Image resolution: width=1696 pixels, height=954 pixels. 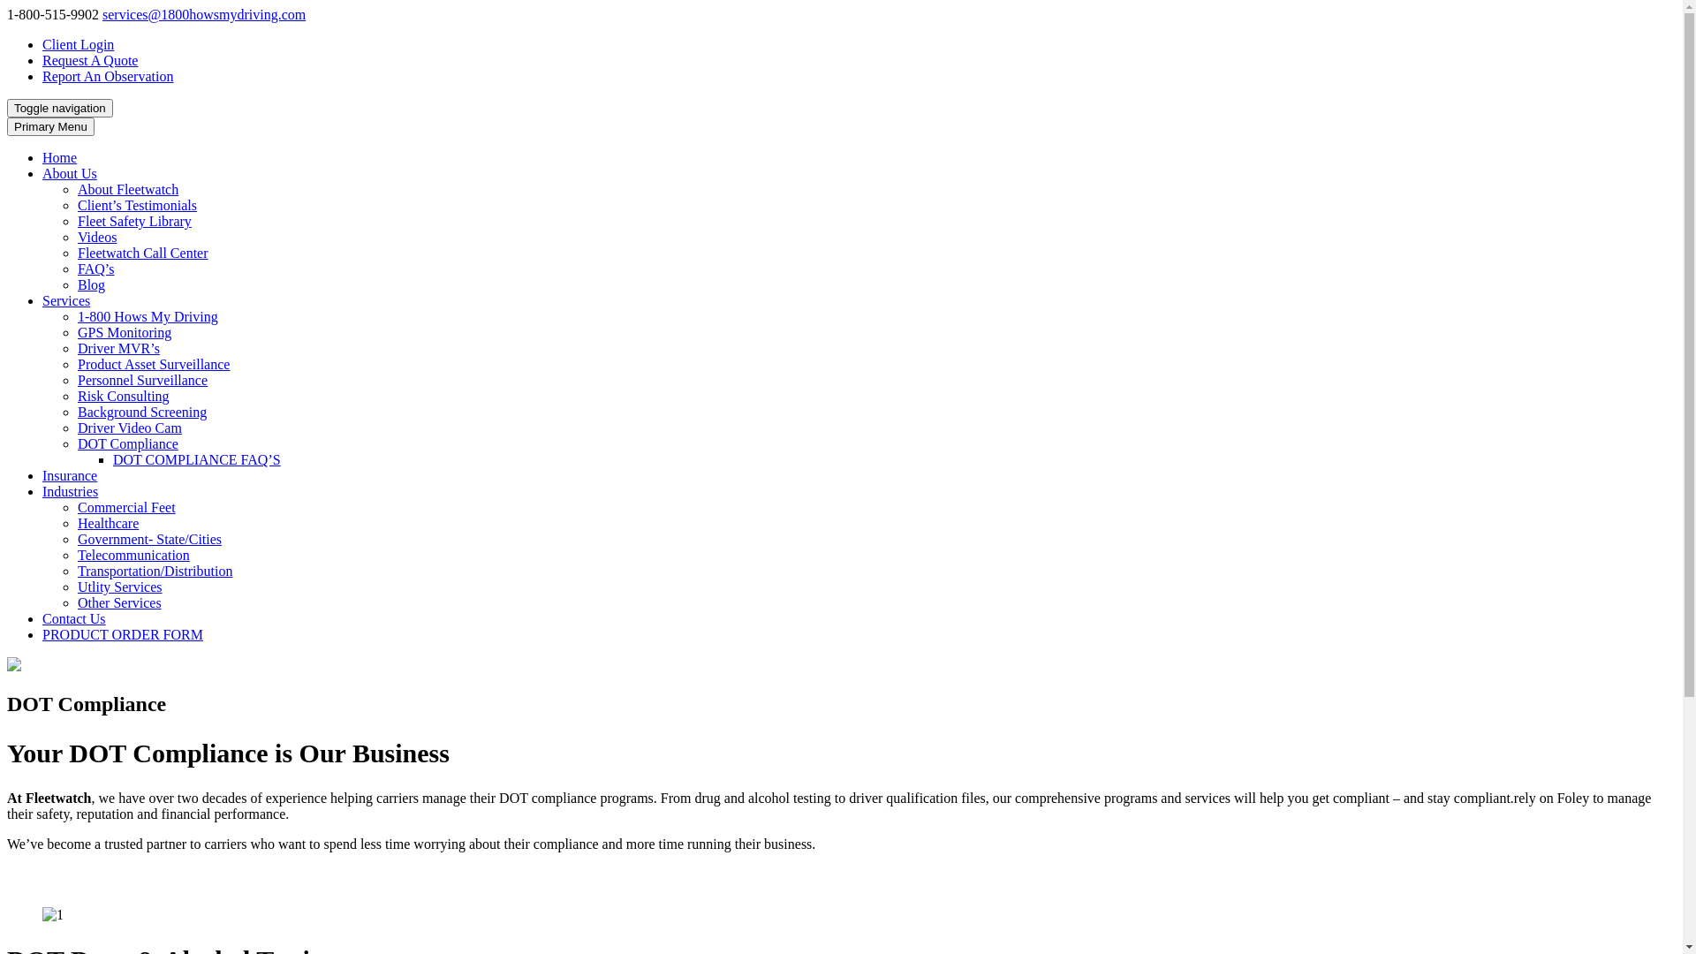 What do you see at coordinates (66, 299) in the screenshot?
I see `'Services'` at bounding box center [66, 299].